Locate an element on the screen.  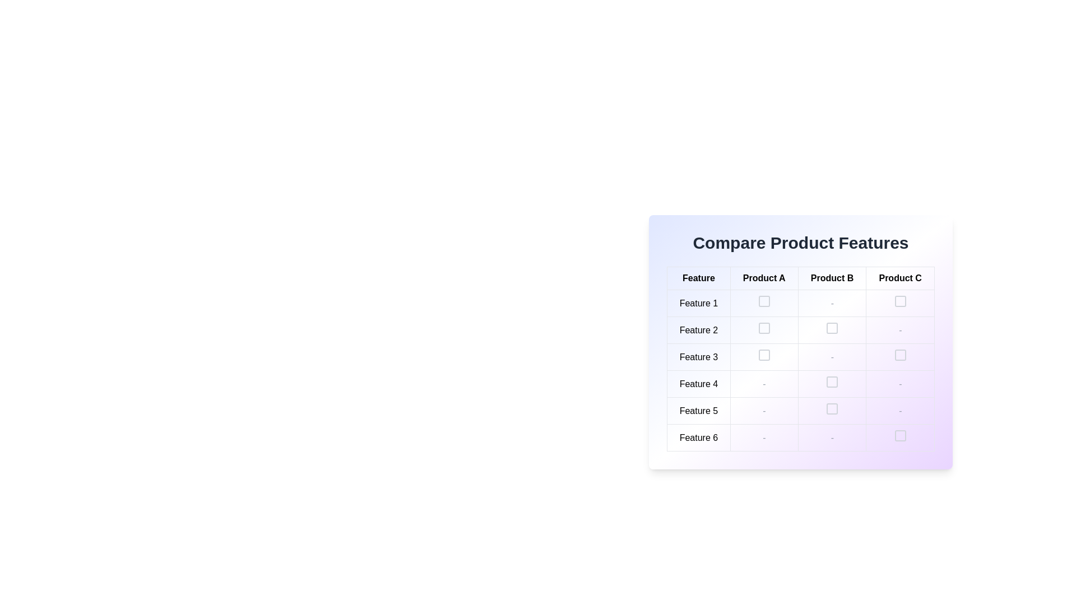
the table cell in the fifth row and third column of the 'Compare Product Features' table, which indicates the absence of a feature or data is located at coordinates (763, 411).